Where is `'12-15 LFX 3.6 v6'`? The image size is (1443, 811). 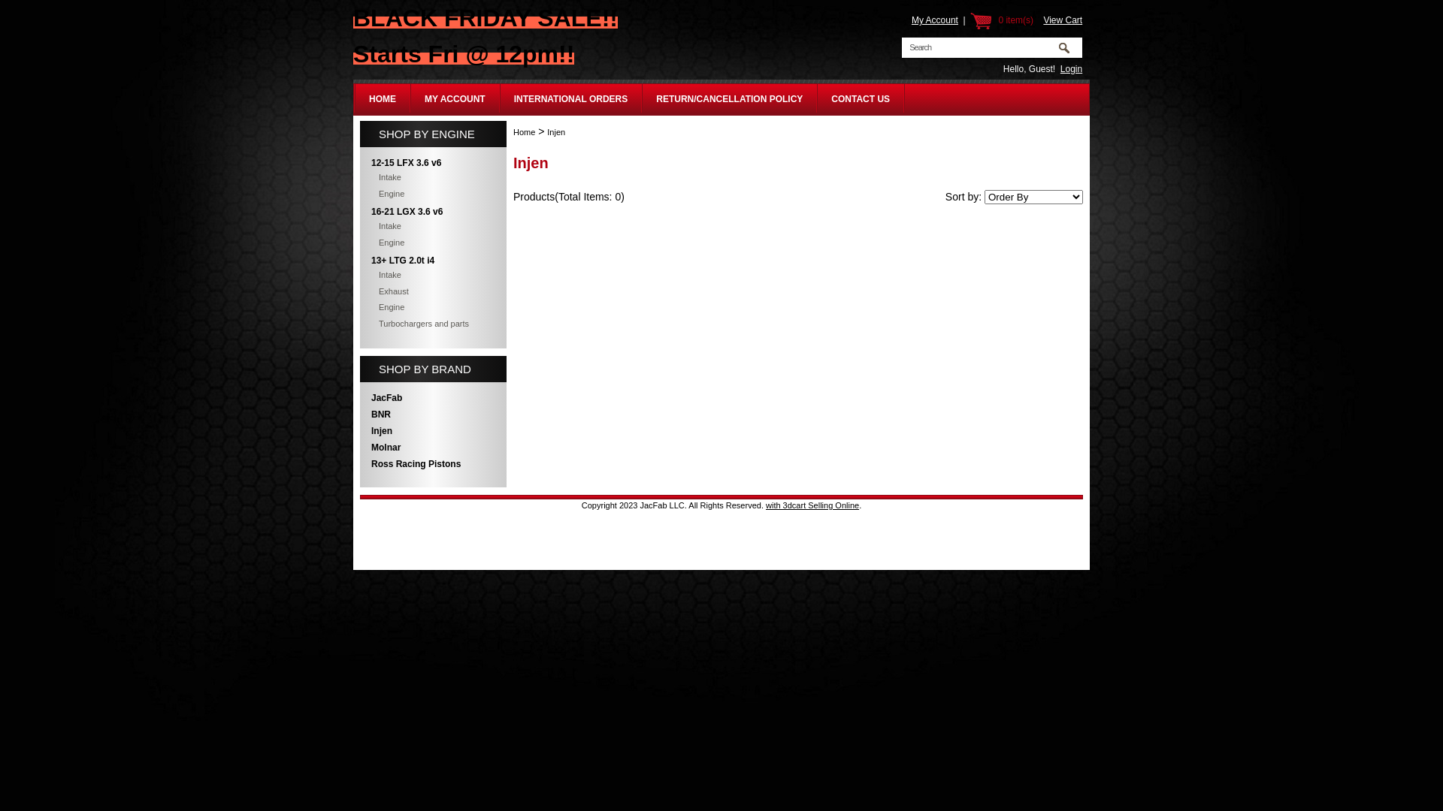 '12-15 LFX 3.6 v6' is located at coordinates (432, 162).